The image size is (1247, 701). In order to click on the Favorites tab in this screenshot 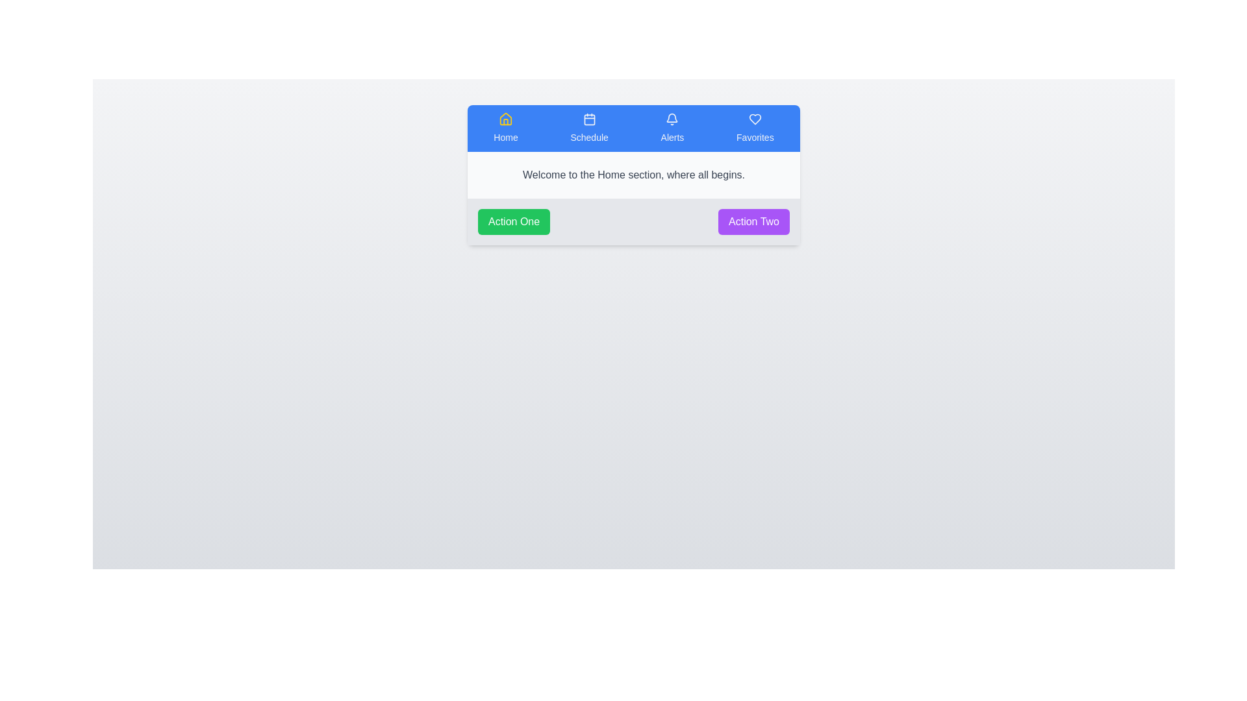, I will do `click(755, 128)`.